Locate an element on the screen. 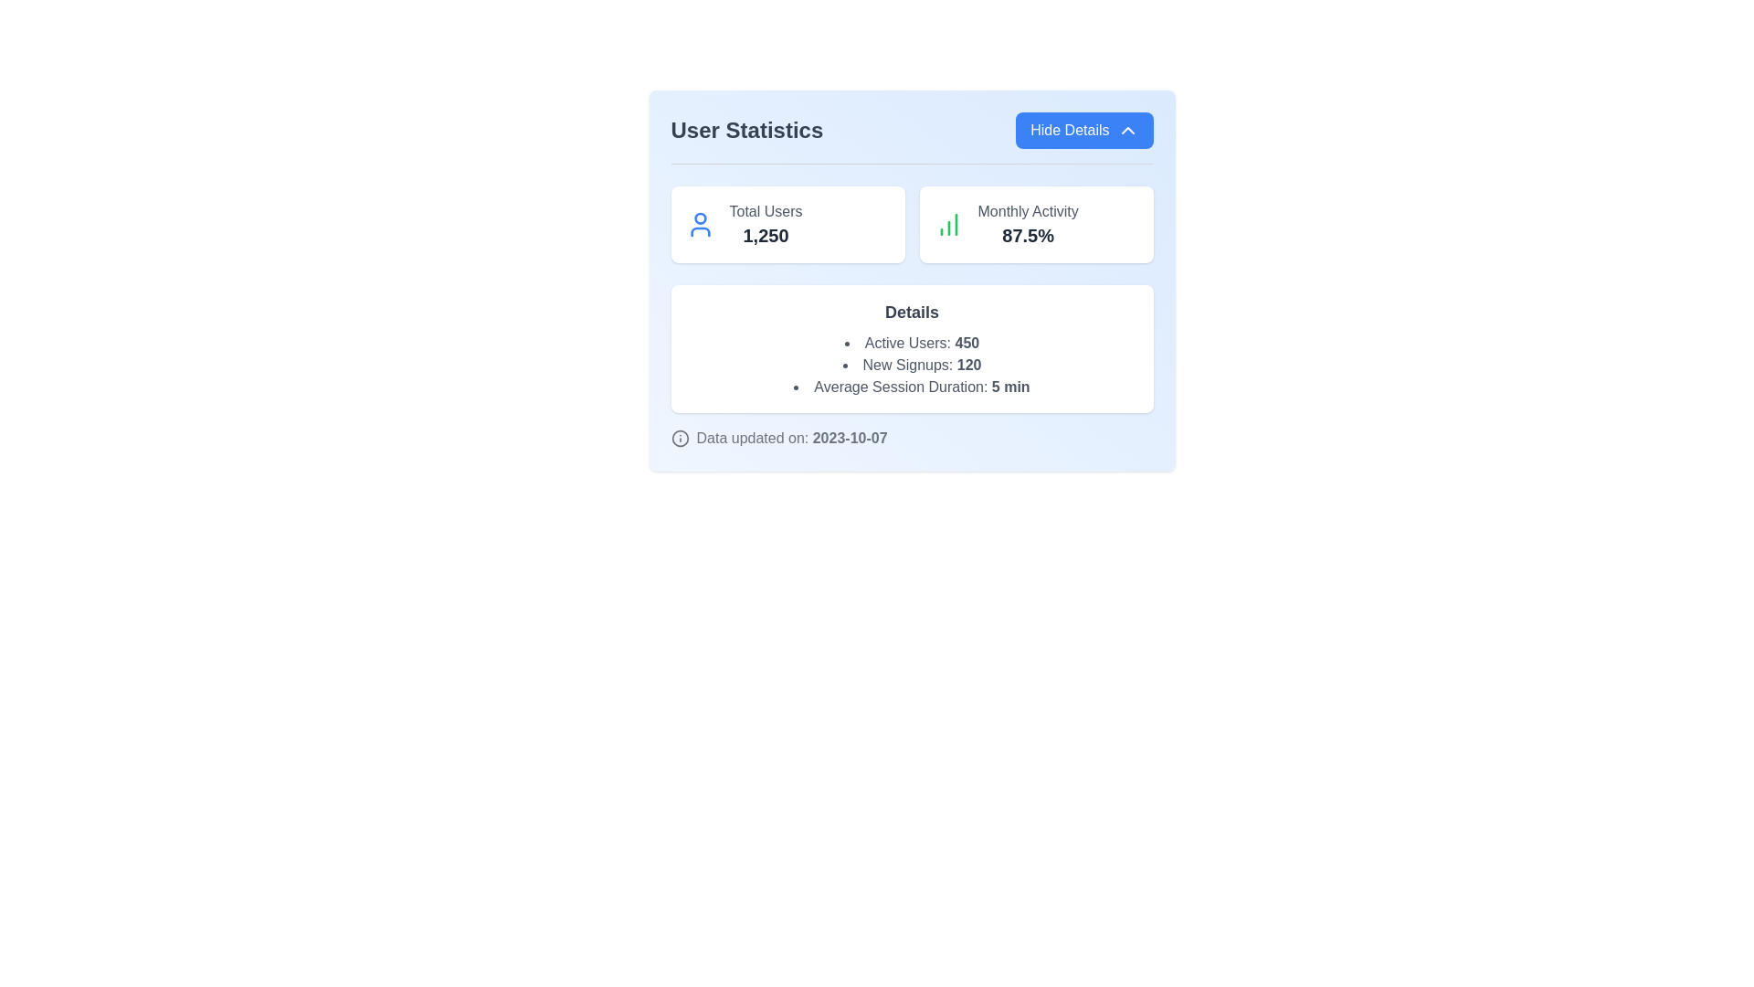 The width and height of the screenshot is (1754, 987). text from the Text Label that serves as a header for the information about 'Active Users', 'New Signups', and 'Average Session Duration' is located at coordinates (912, 312).